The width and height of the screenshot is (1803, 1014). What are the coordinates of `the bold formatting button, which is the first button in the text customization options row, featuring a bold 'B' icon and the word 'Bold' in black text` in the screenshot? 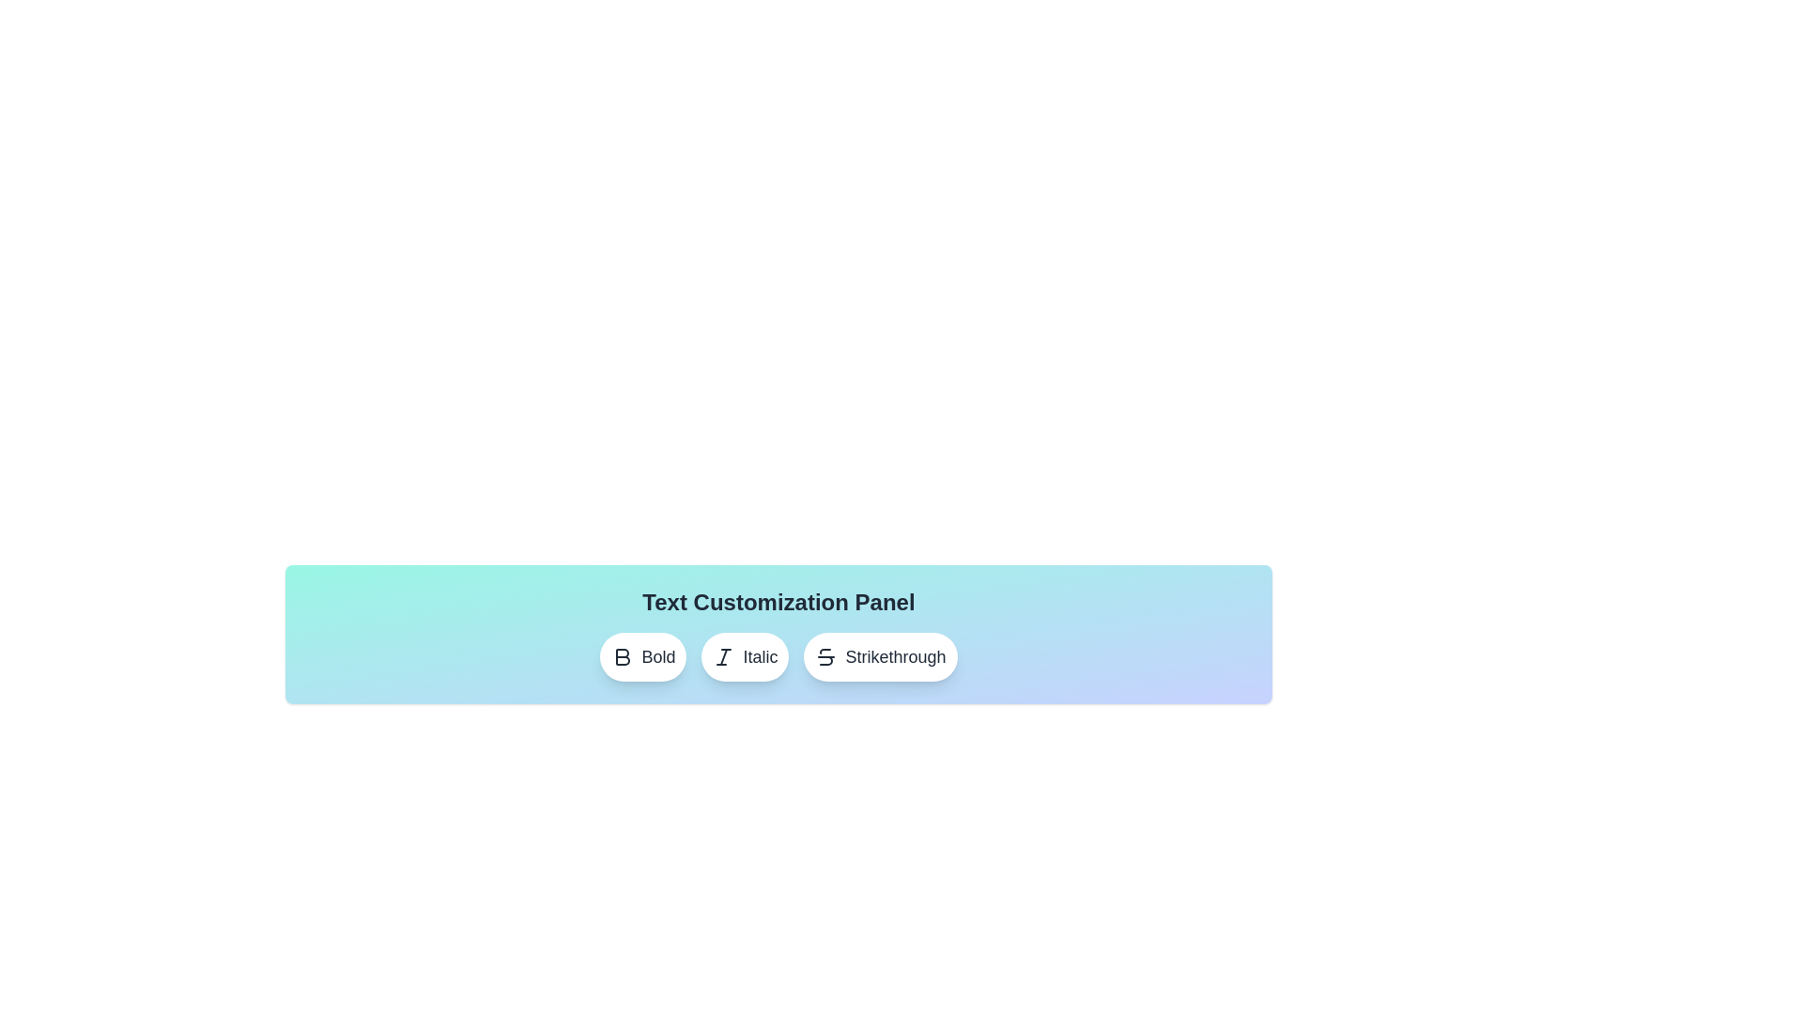 It's located at (643, 655).